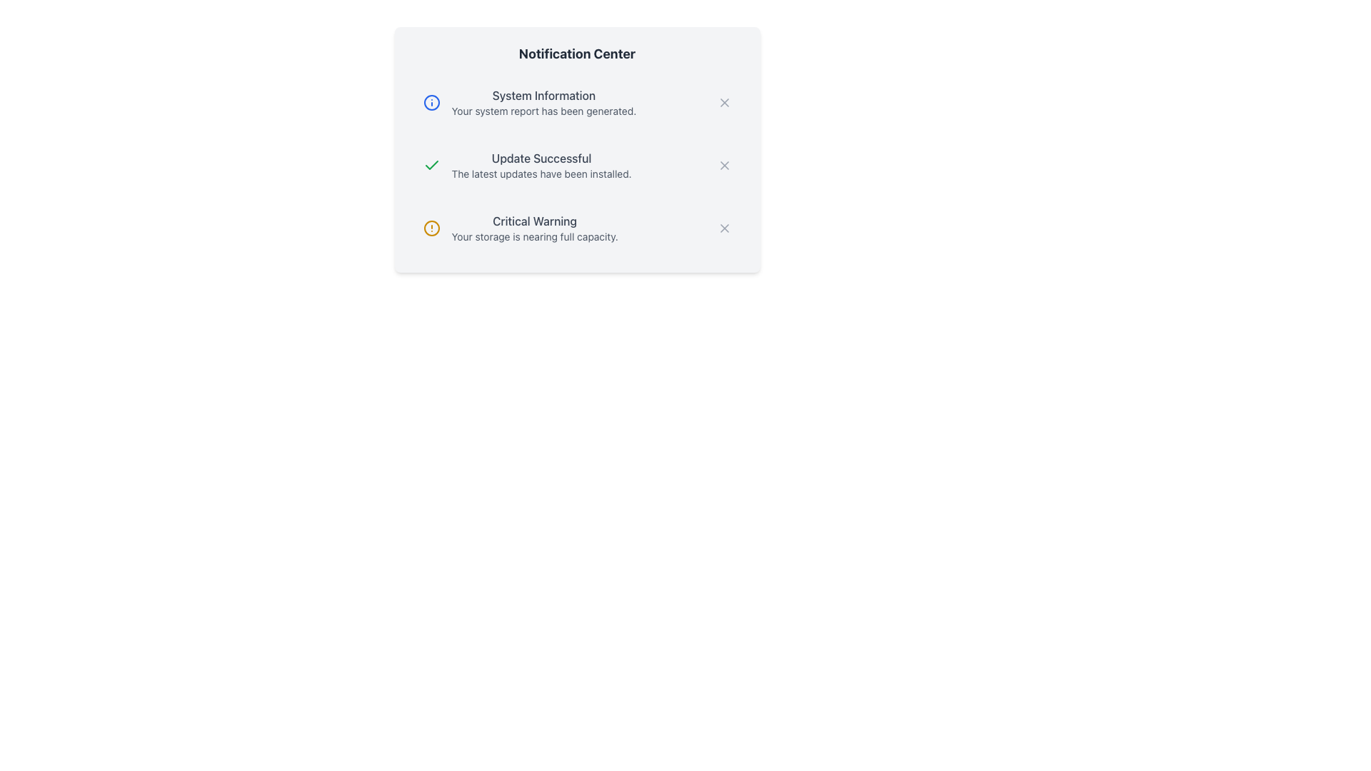 The image size is (1371, 771). What do you see at coordinates (724, 228) in the screenshot?
I see `the 'X'-shaped close button associated with the 'Critical Warning' notification` at bounding box center [724, 228].